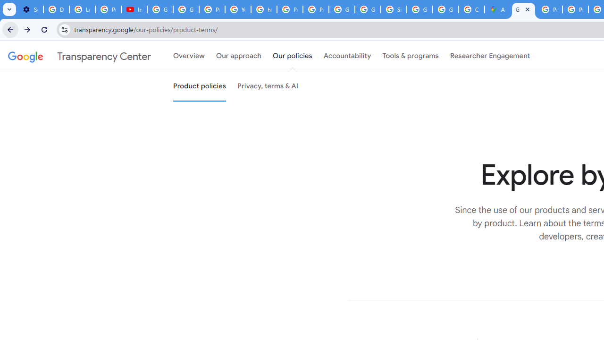 The image size is (604, 340). What do you see at coordinates (30, 9) in the screenshot?
I see `'Settings - Performance'` at bounding box center [30, 9].